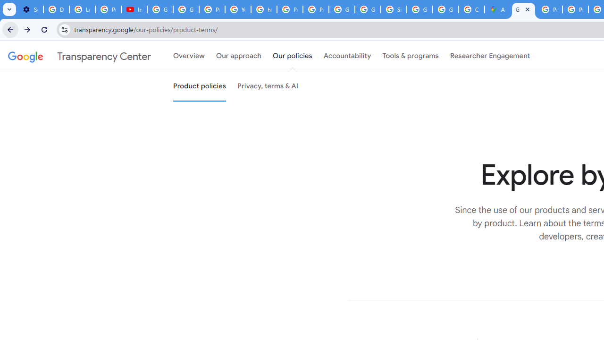 The image size is (604, 340). What do you see at coordinates (30, 9) in the screenshot?
I see `'Settings - Performance'` at bounding box center [30, 9].